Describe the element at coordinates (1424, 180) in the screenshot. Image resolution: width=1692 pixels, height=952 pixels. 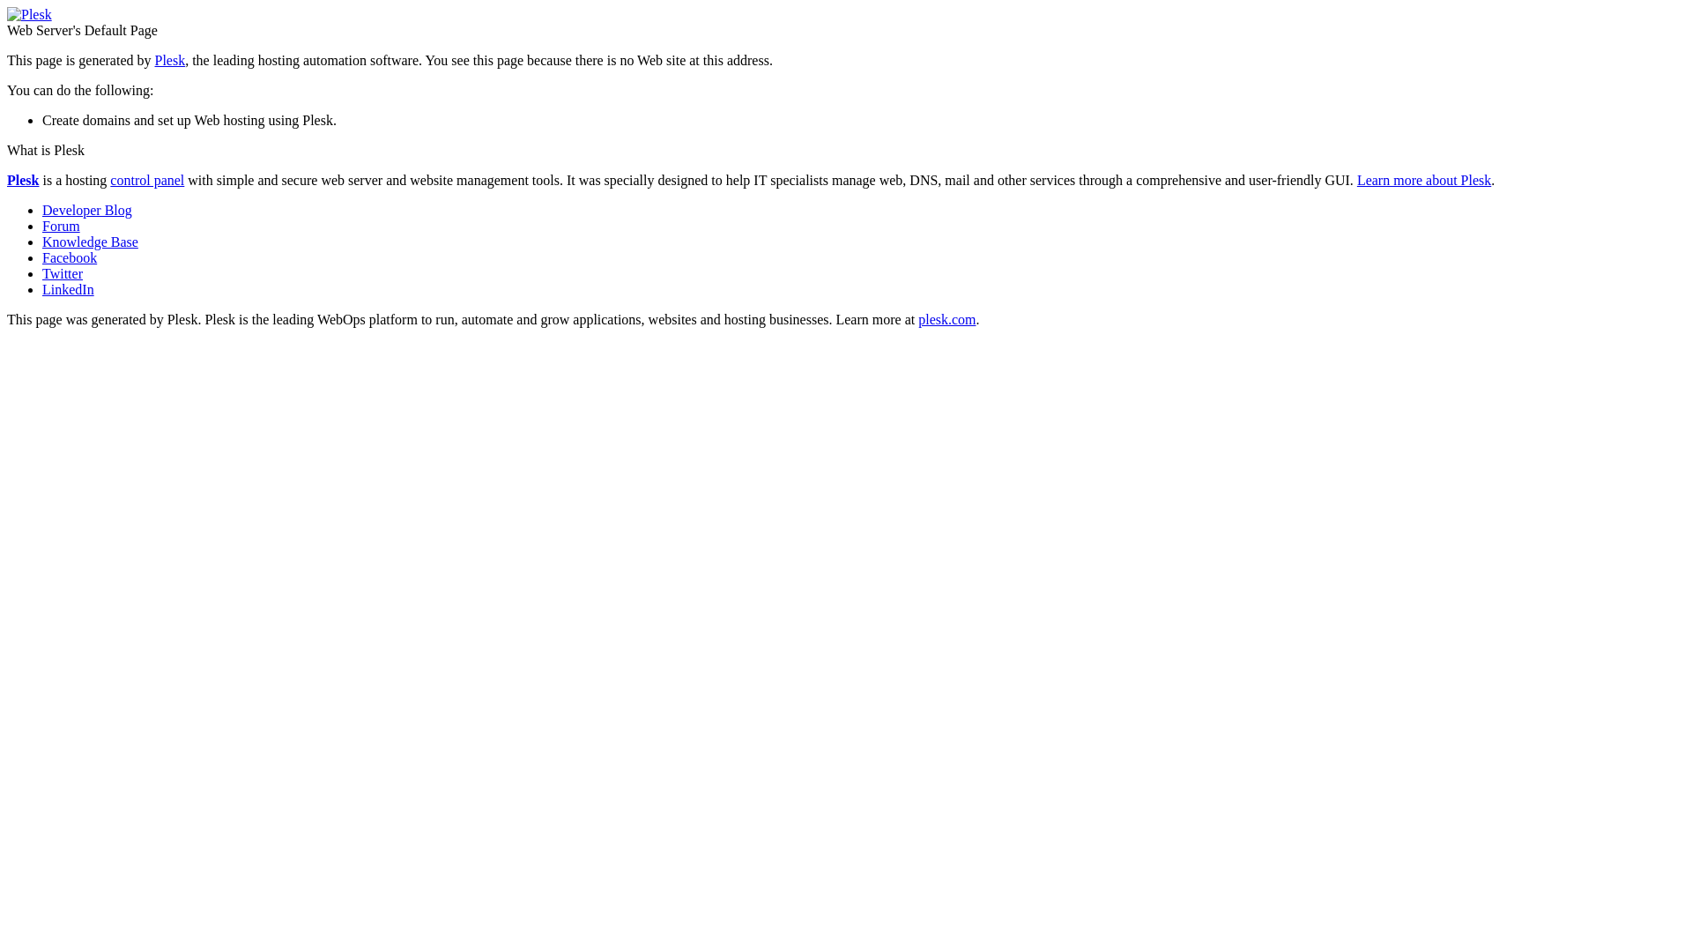
I see `'Learn more about Plesk'` at that location.